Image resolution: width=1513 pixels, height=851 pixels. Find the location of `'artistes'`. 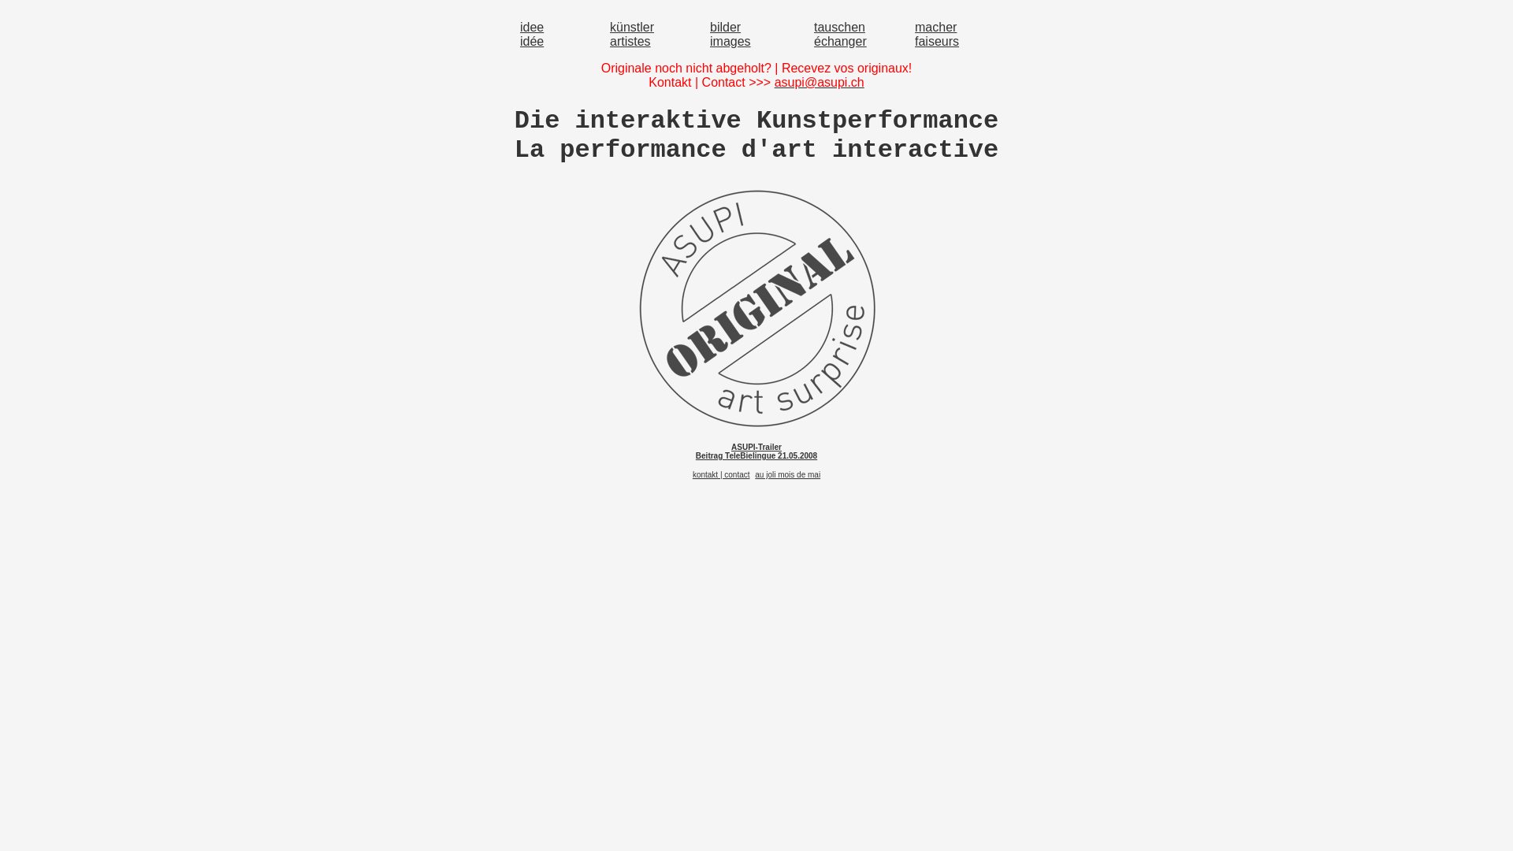

'artistes' is located at coordinates (630, 40).